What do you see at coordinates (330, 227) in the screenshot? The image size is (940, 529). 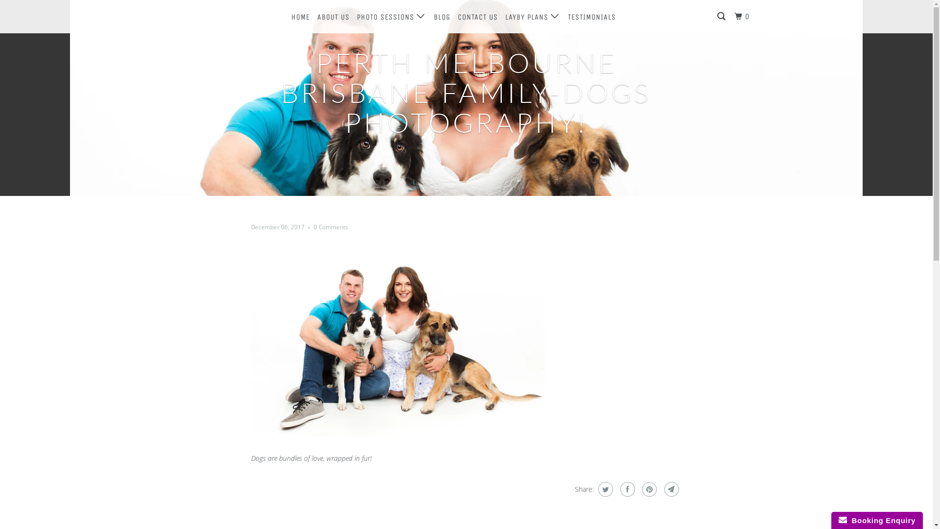 I see `'0 Comments'` at bounding box center [330, 227].